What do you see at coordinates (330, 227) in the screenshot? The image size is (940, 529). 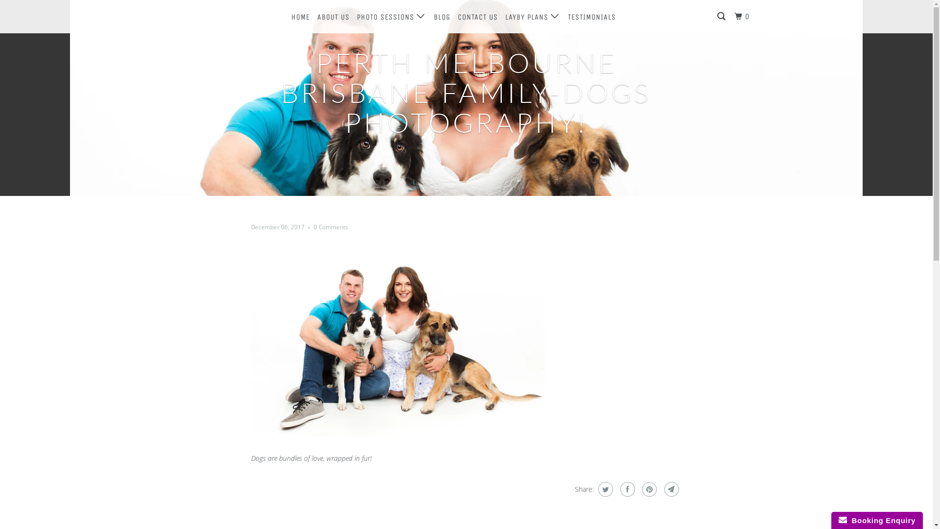 I see `'0 Comments'` at bounding box center [330, 227].